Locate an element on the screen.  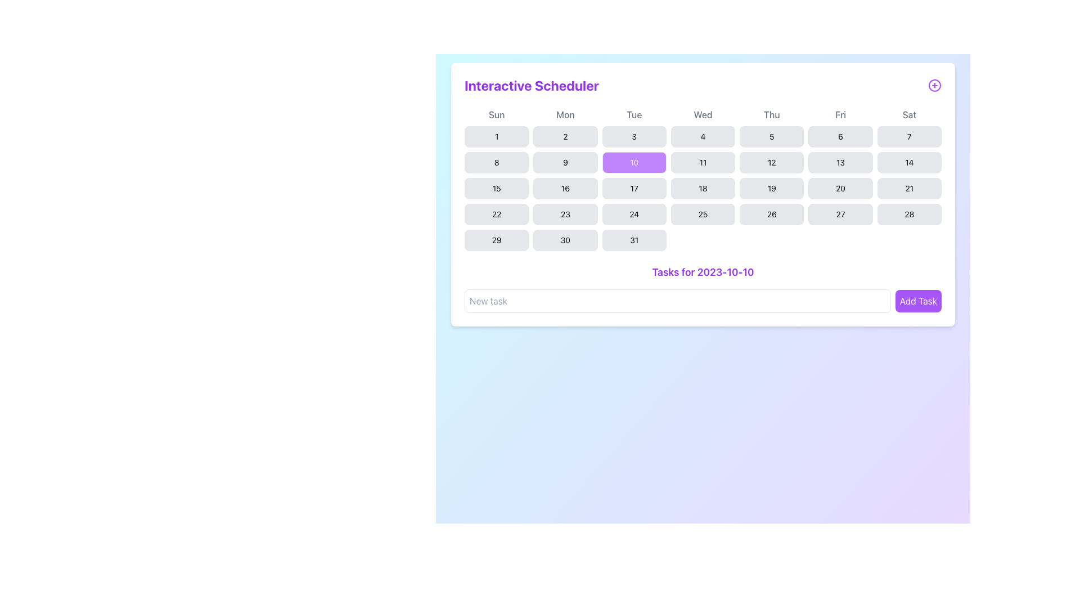
the button representing the date '18' in the fifth row and fourth column of the calendar grid is located at coordinates (702, 188).